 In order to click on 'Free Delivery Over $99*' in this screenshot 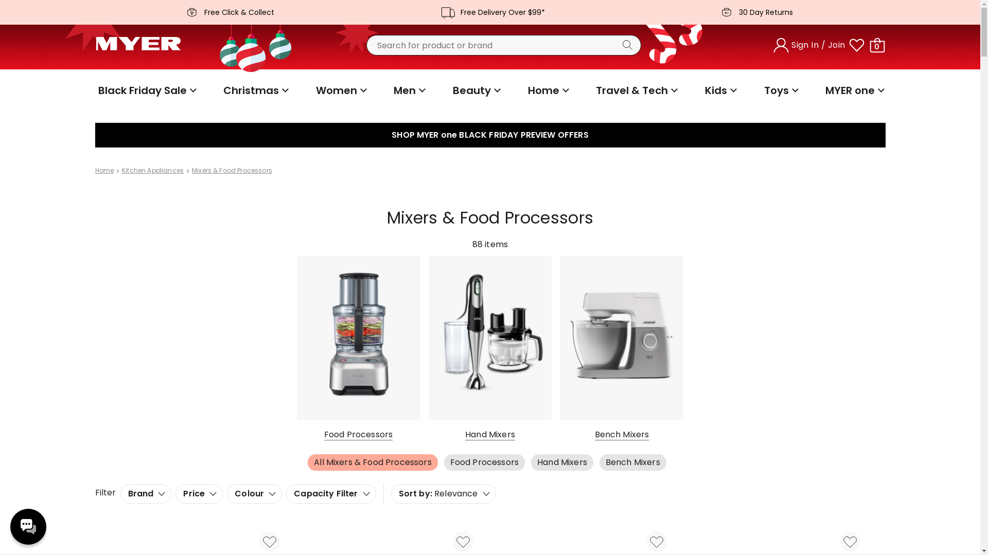, I will do `click(489, 12)`.